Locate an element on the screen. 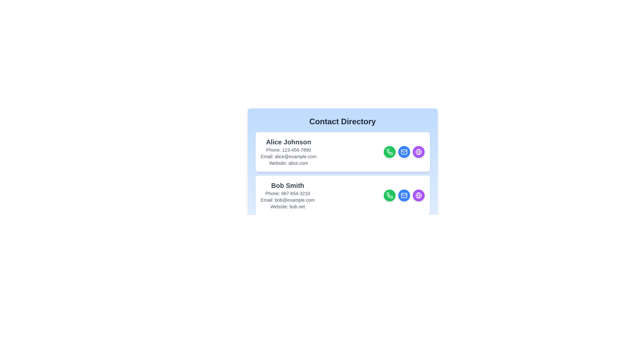 This screenshot has height=356, width=634. email button for the contact Bob Smith is located at coordinates (404, 195).